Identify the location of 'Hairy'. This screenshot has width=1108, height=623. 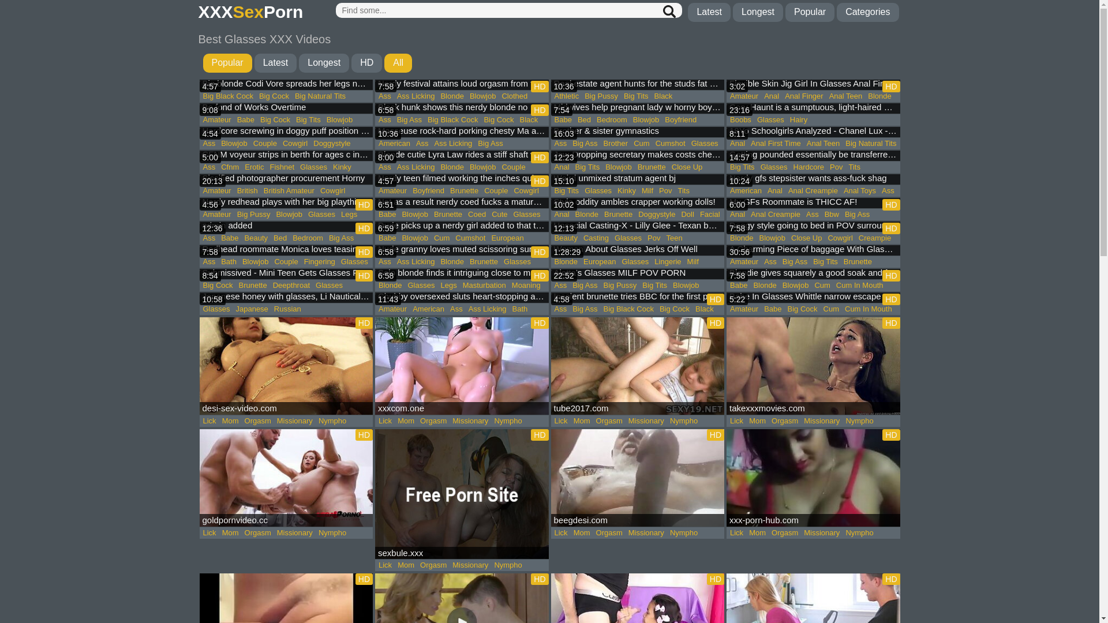
(786, 120).